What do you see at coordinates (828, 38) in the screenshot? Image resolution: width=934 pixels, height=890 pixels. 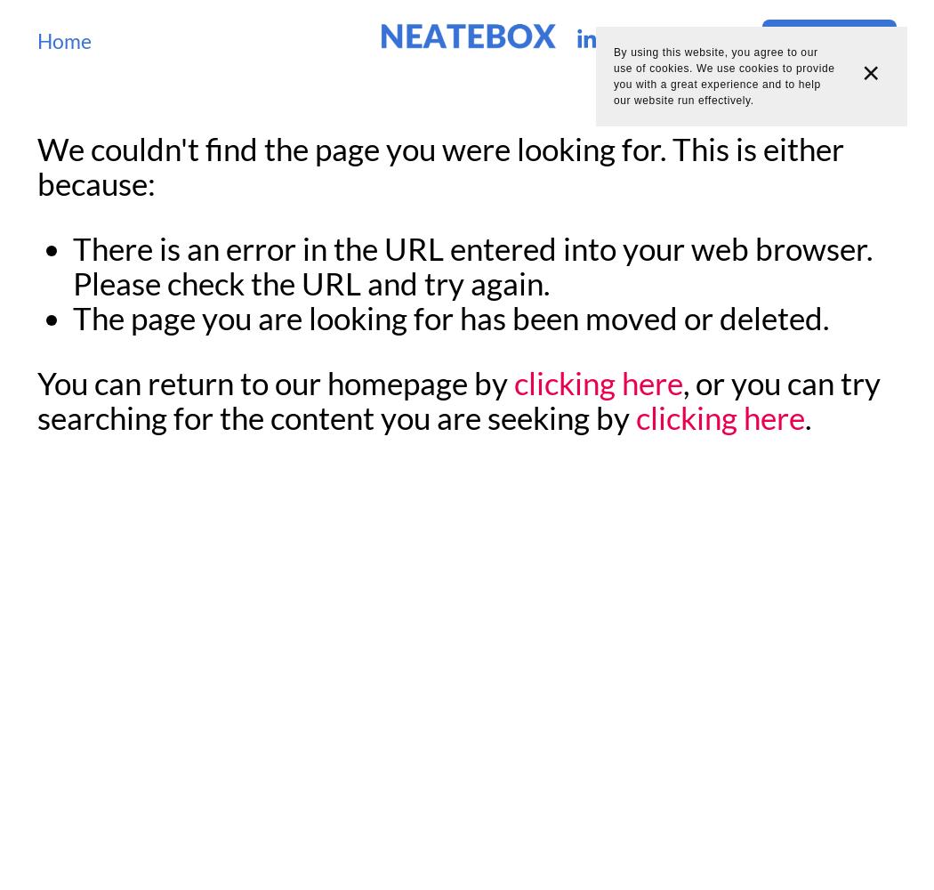 I see `'Get in touch'` at bounding box center [828, 38].